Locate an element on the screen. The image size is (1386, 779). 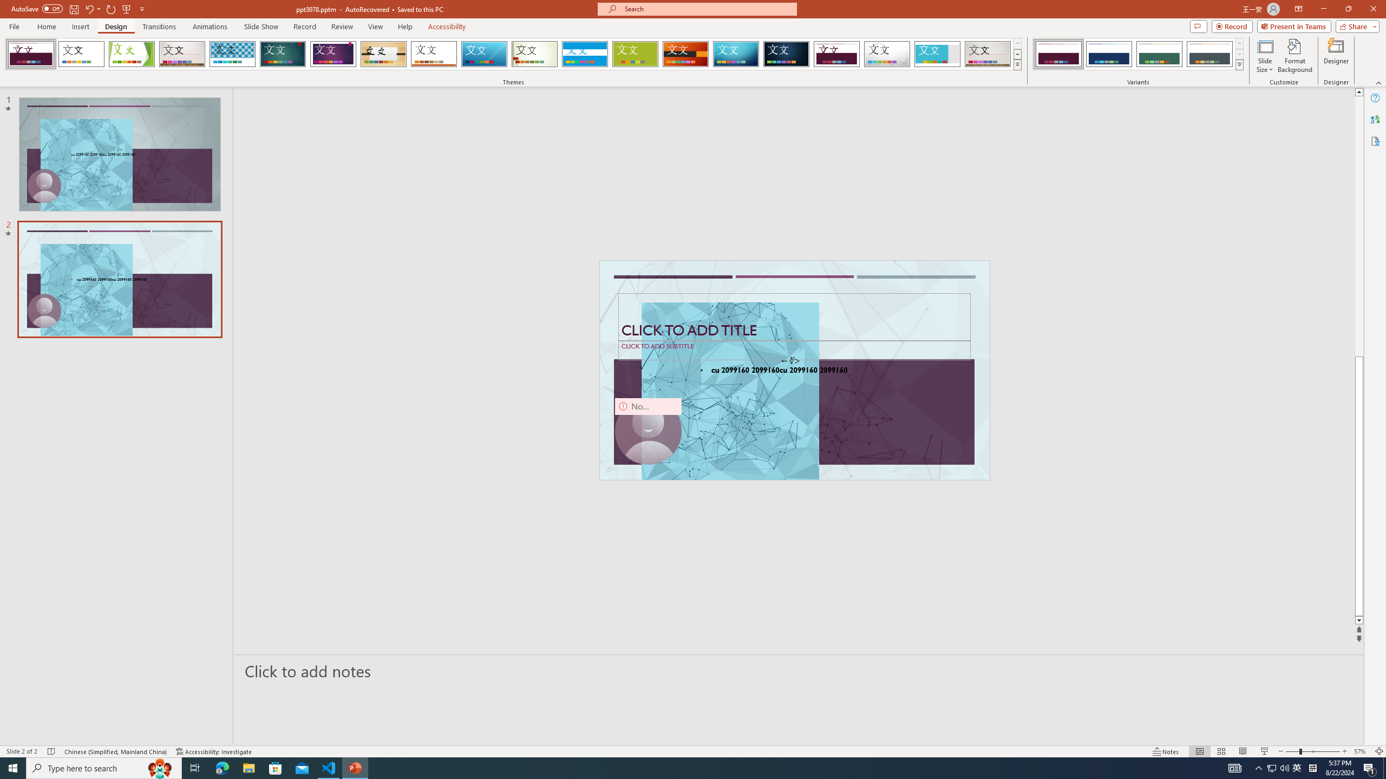
'Berlin' is located at coordinates (686, 54).